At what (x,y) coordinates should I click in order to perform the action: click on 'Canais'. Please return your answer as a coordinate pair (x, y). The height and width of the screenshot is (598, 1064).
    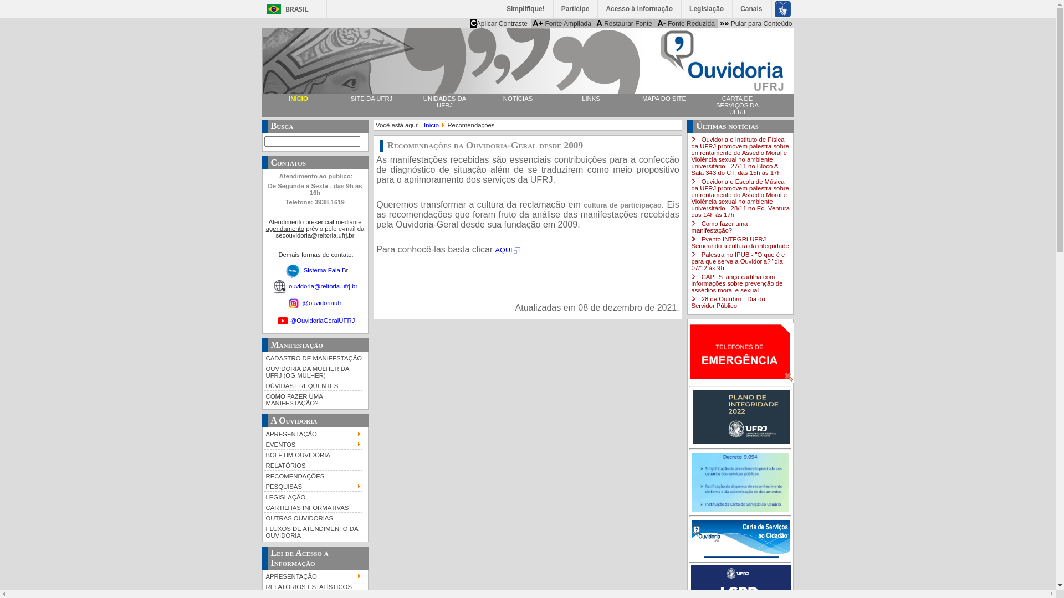
    Looking at the image, I should click on (751, 8).